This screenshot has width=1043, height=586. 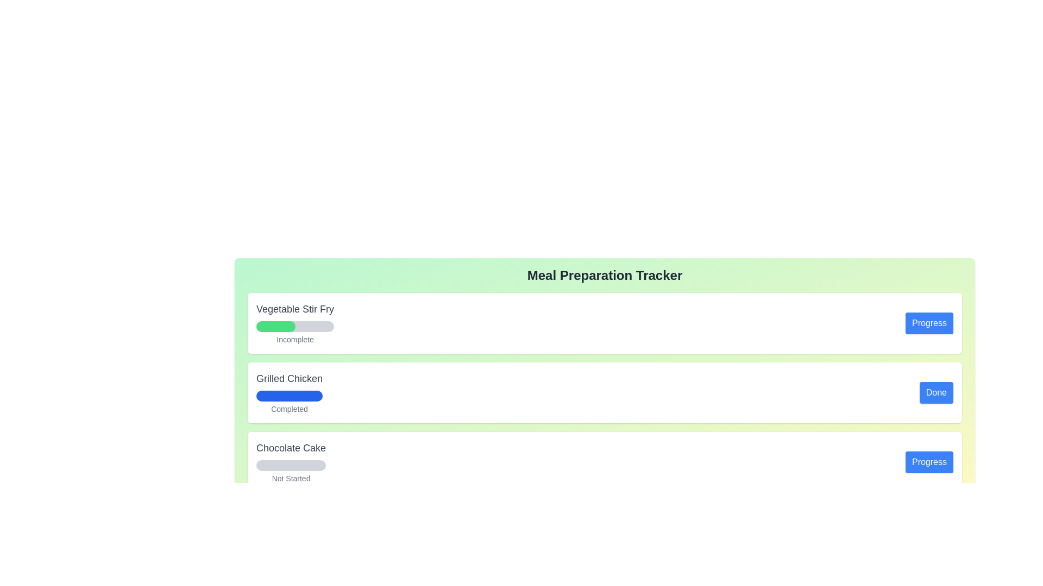 I want to click on the rectangular blue button labeled 'Done' located at the far right of the 'Grilled Chicken' panel in the 'Meal Preparation Tracker' interface, so click(x=935, y=393).